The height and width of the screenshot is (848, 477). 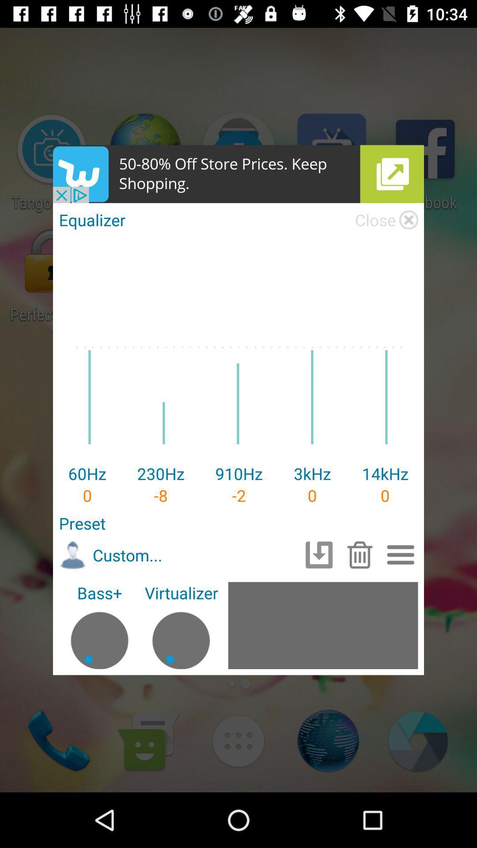 What do you see at coordinates (72, 555) in the screenshot?
I see `the image to the left of custom  text` at bounding box center [72, 555].